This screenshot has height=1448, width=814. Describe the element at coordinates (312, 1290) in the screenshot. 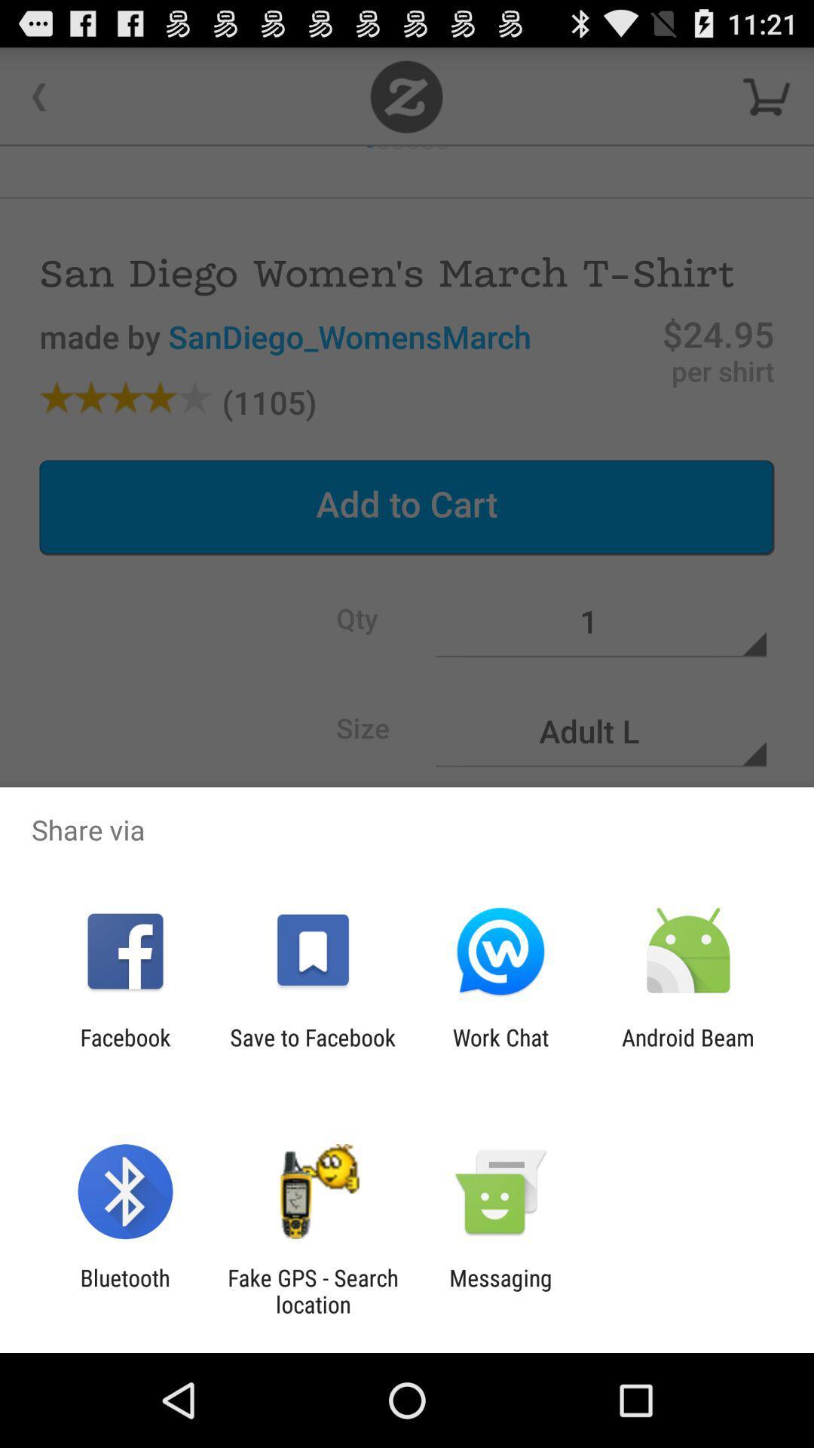

I see `app to the right of bluetooth app` at that location.